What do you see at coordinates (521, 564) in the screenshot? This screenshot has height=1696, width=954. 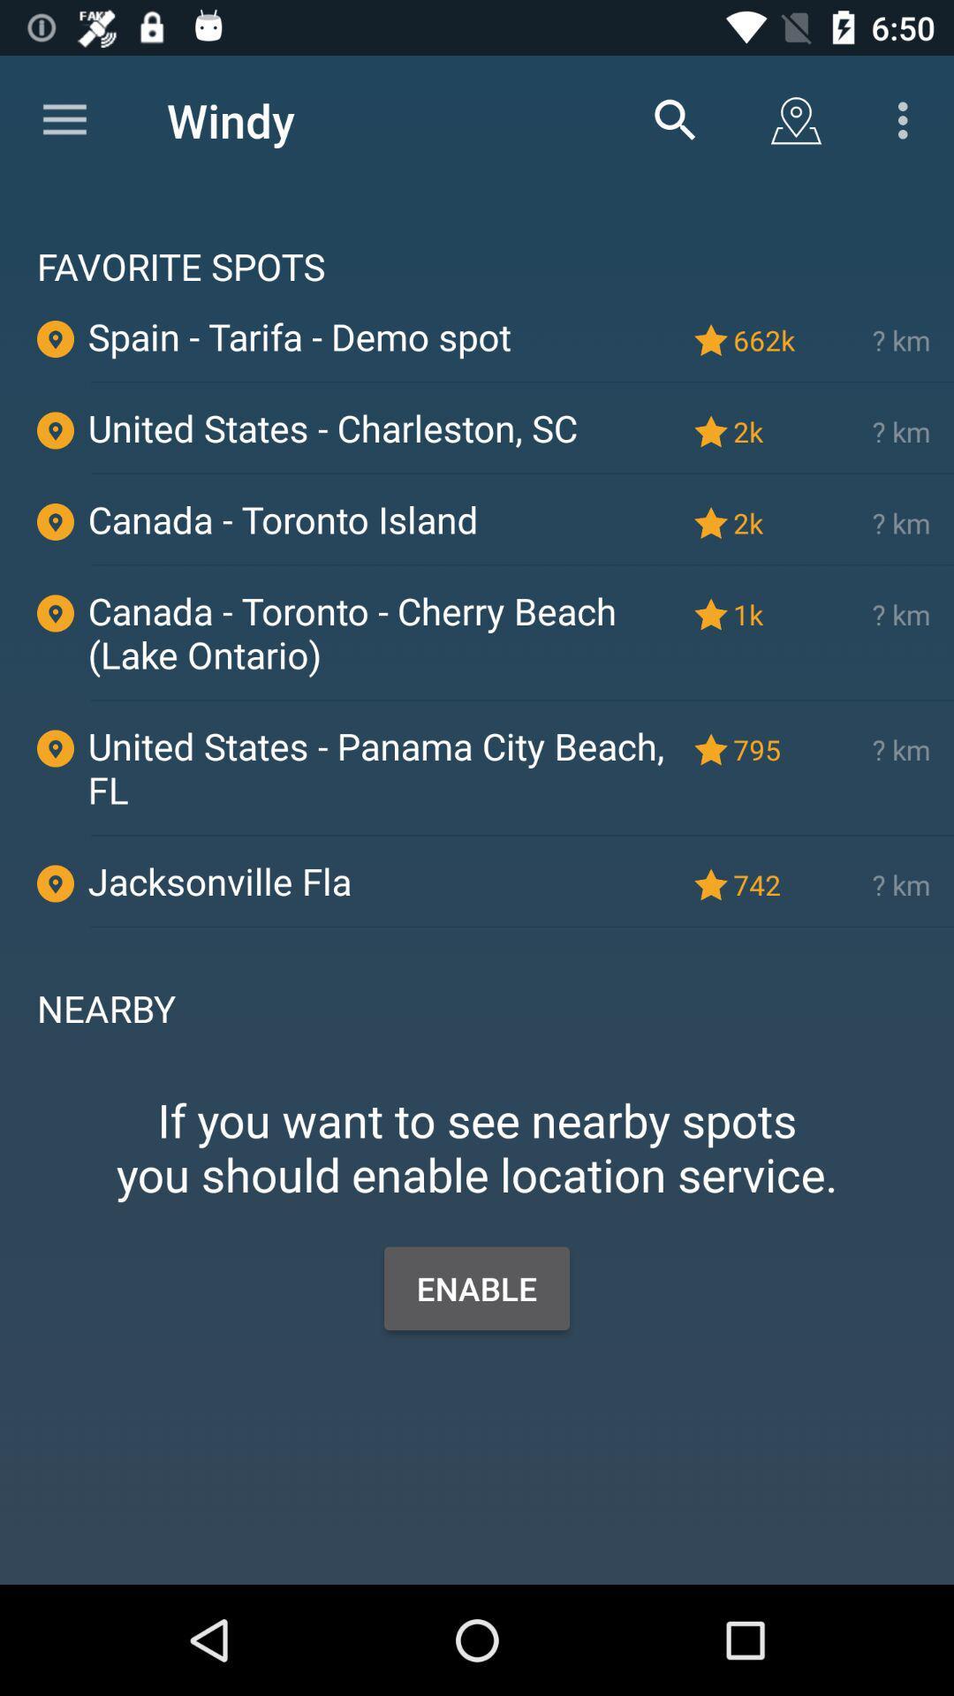 I see `item below canada - toronto island` at bounding box center [521, 564].